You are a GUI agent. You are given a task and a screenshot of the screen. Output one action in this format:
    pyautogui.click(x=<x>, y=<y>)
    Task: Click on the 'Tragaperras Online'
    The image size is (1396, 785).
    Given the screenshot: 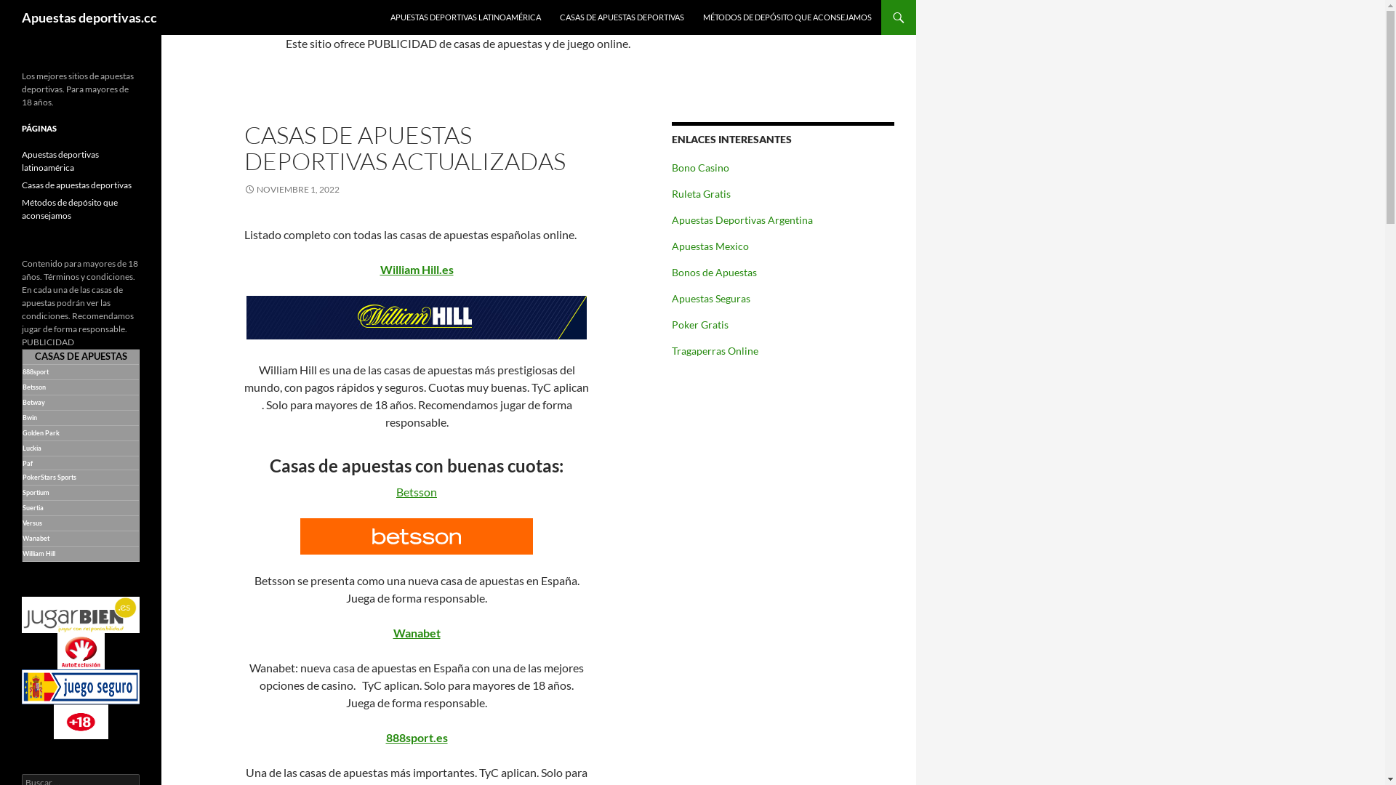 What is the action you would take?
    pyautogui.click(x=715, y=350)
    